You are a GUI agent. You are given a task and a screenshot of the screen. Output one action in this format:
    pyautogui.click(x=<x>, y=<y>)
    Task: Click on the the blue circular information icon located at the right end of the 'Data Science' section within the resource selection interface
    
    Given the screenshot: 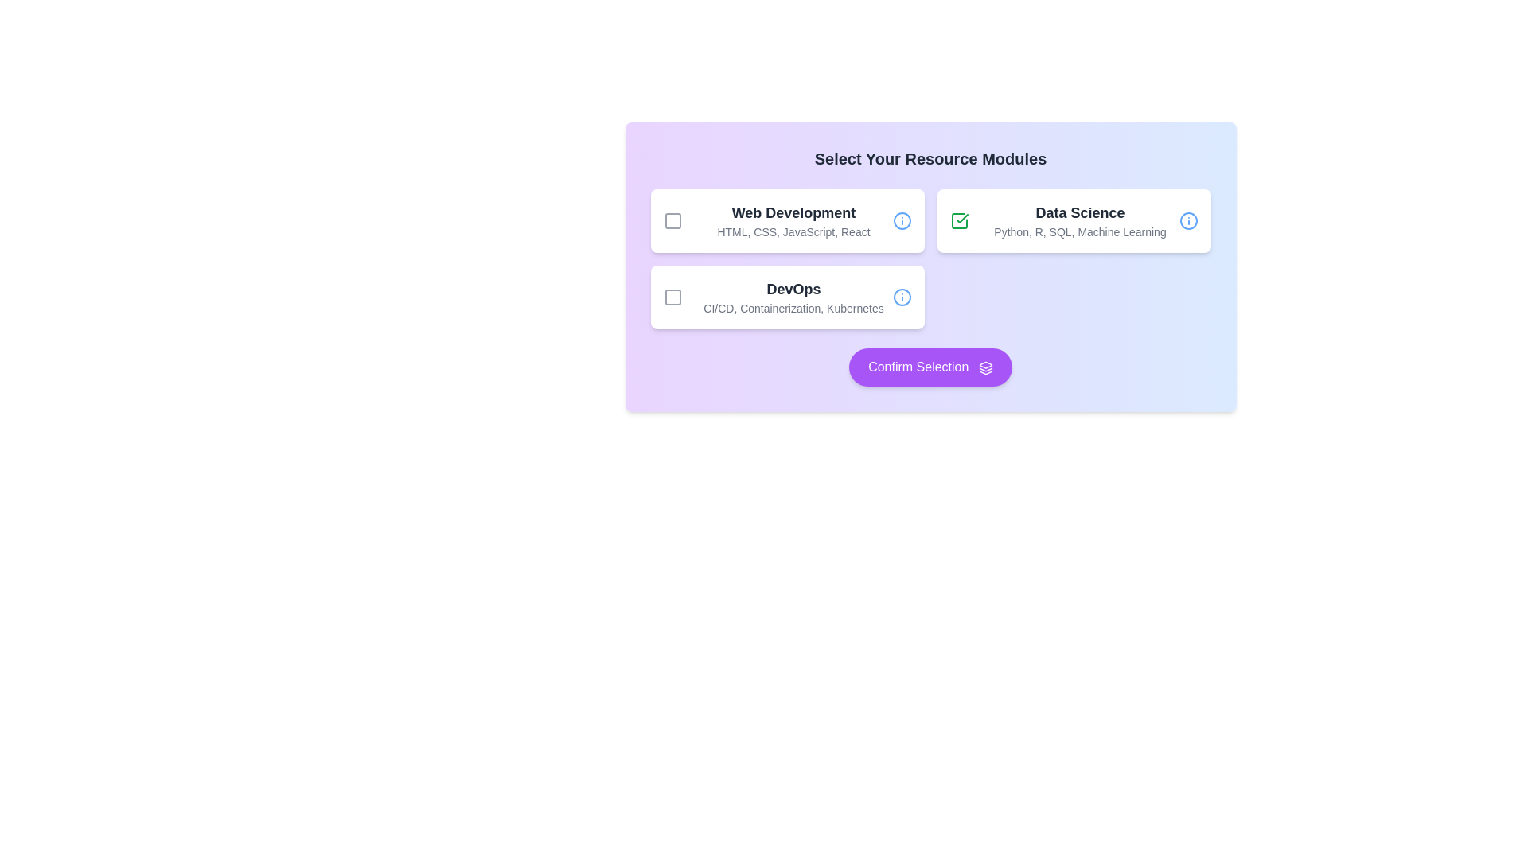 What is the action you would take?
    pyautogui.click(x=1188, y=220)
    